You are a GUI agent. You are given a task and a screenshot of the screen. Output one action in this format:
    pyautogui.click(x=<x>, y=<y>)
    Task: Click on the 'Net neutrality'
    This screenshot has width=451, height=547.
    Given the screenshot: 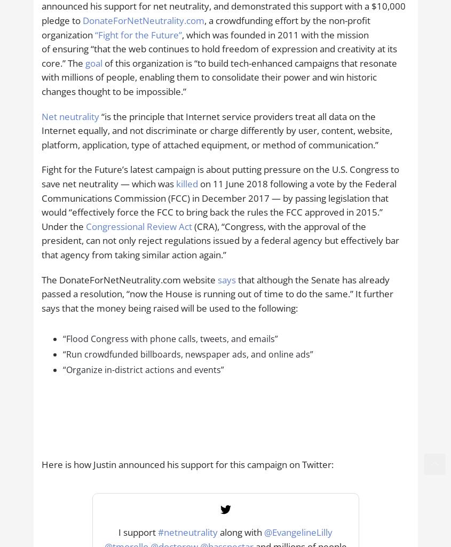 What is the action you would take?
    pyautogui.click(x=40, y=116)
    